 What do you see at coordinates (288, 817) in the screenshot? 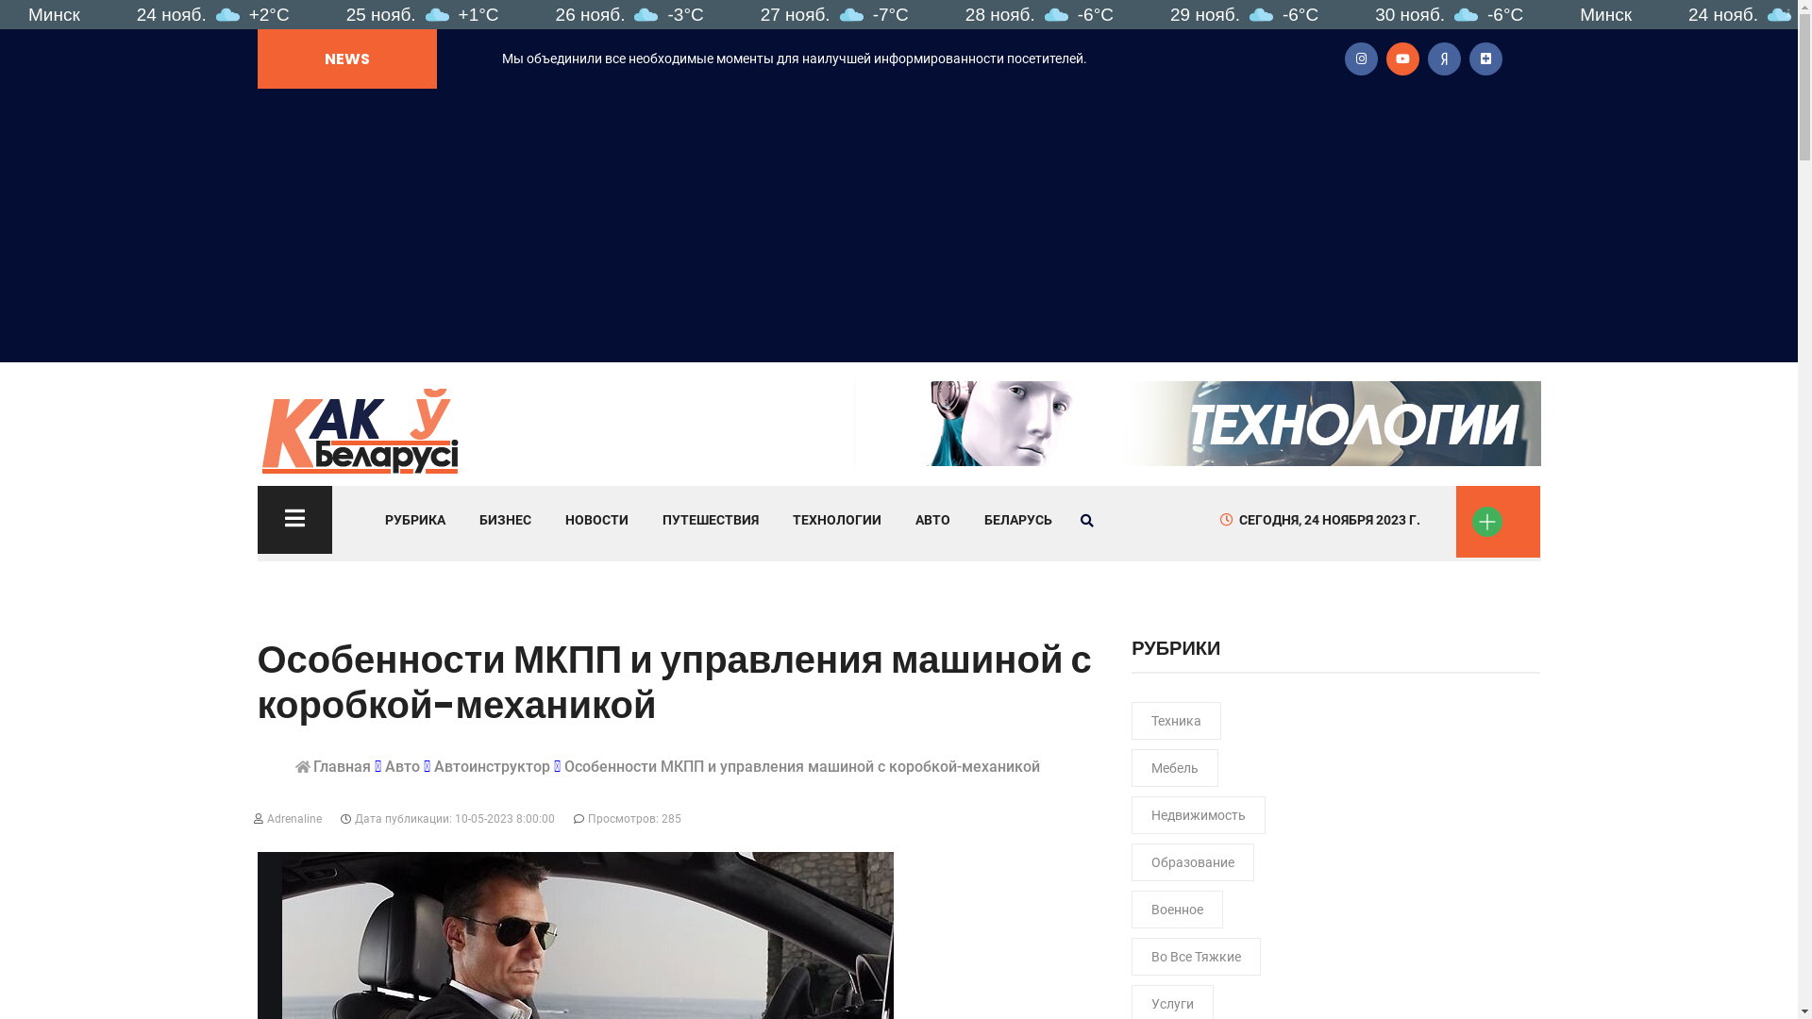
I see `'Adrenaline'` at bounding box center [288, 817].